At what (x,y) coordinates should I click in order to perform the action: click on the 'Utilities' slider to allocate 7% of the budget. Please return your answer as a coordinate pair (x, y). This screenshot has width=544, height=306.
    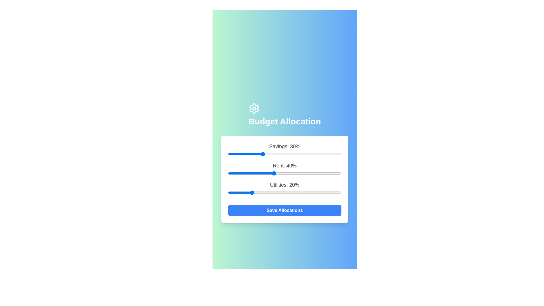
    Looking at the image, I should click on (236, 192).